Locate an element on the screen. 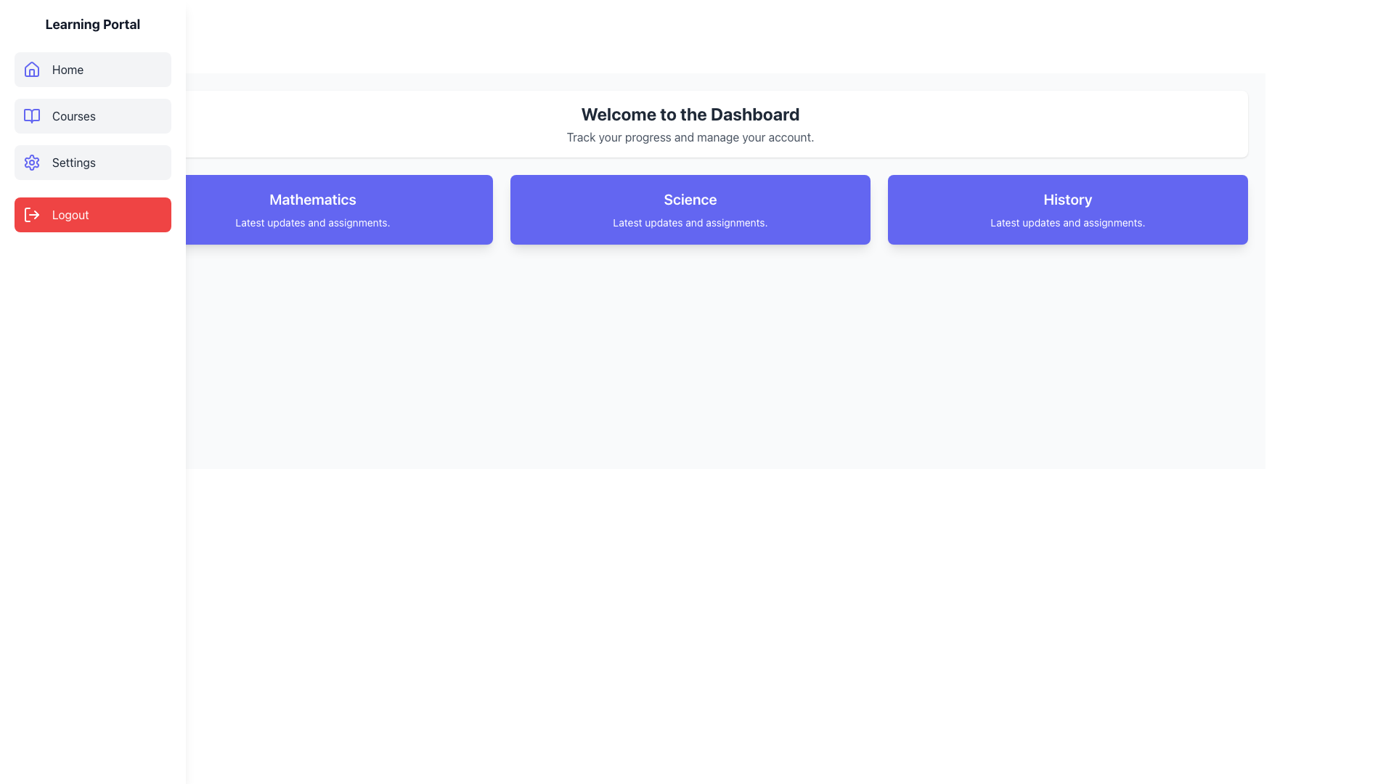  the vertical menu item labeled 'Courses' in the sidebar, which is styled with gray tones and features an open book icon on the left side is located at coordinates (92, 115).